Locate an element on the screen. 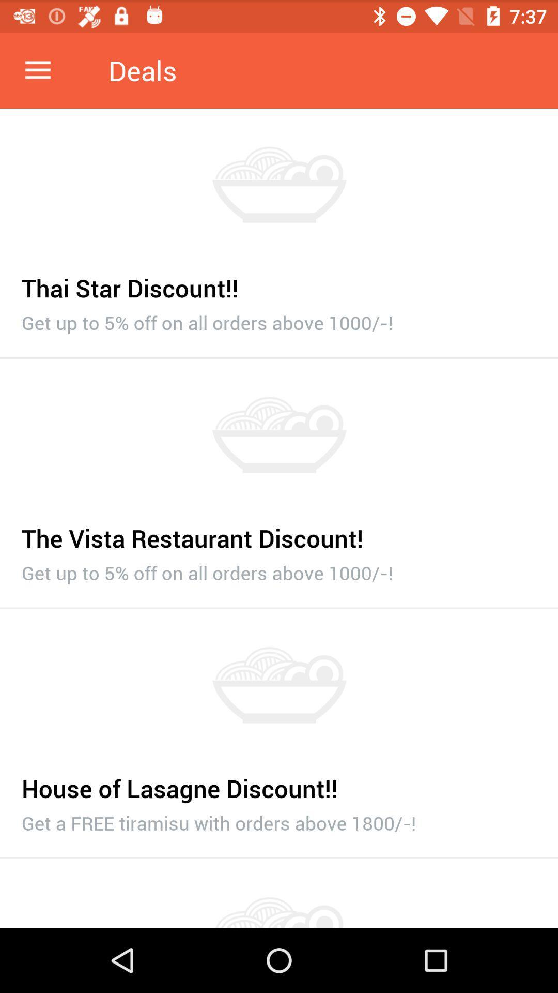  the item next to the deals is located at coordinates (37, 70).